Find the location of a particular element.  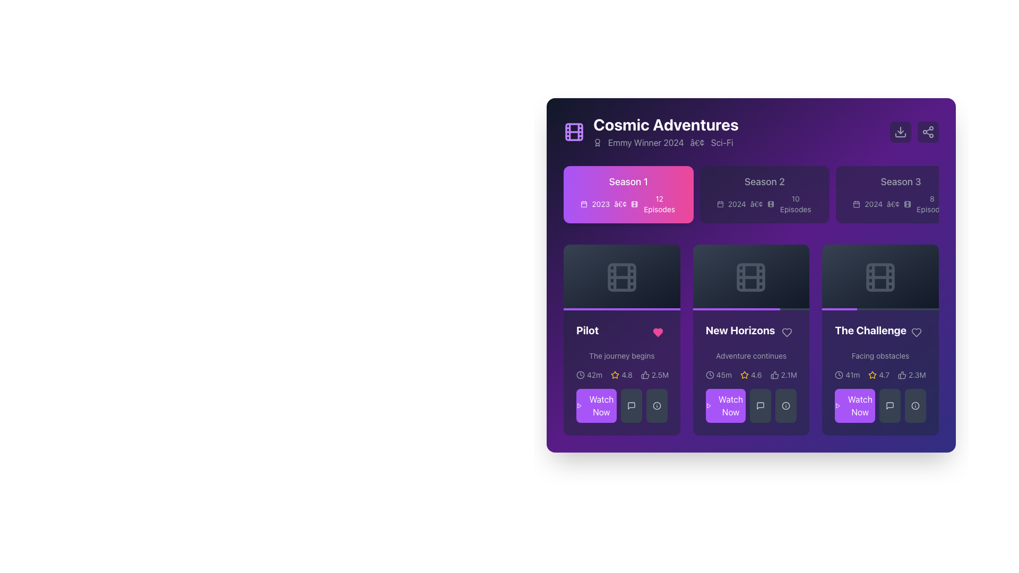

circular information icon displayed within the SVG graphic element at the bottom of the 'Pilot' card is located at coordinates (656, 405).